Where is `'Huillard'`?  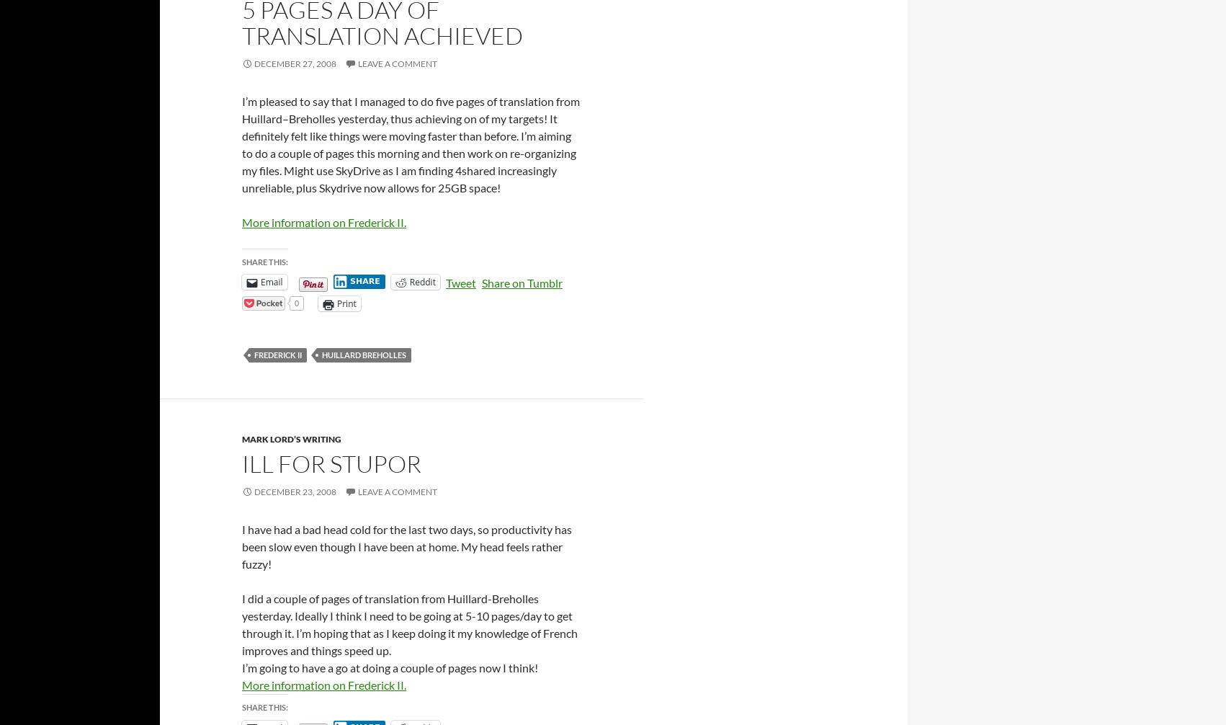
'Huillard' is located at coordinates (262, 118).